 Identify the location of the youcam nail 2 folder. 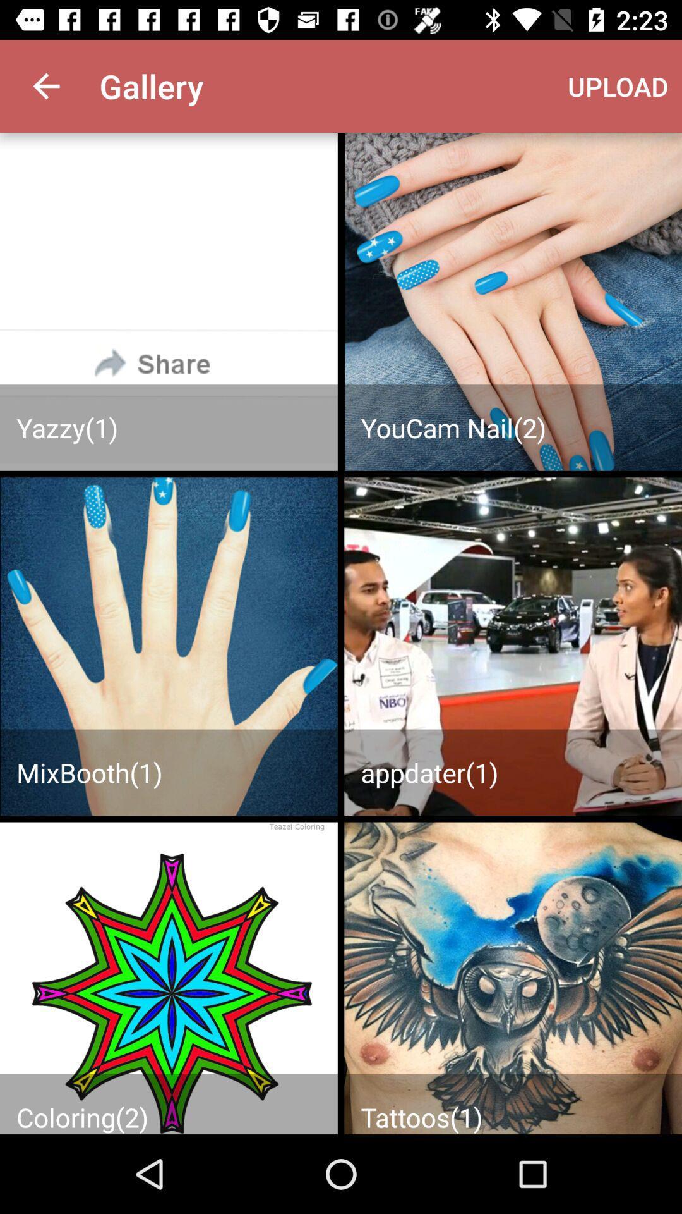
(513, 301).